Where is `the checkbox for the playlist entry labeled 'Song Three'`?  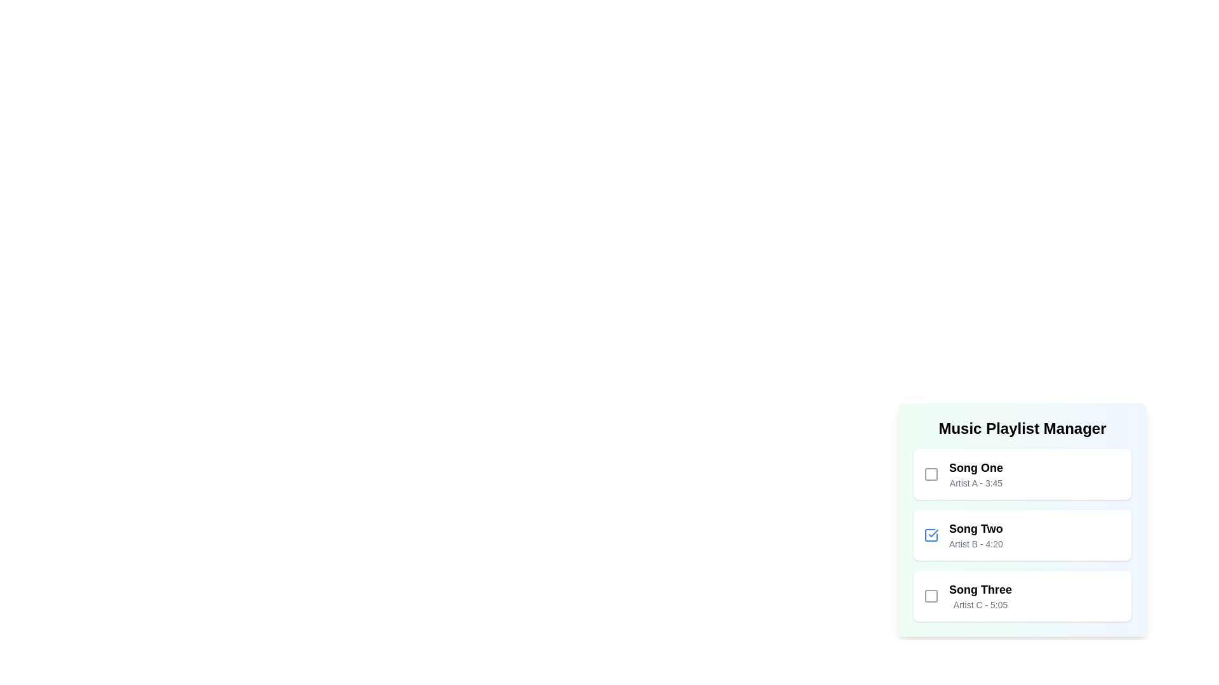
the checkbox for the playlist entry labeled 'Song Three' is located at coordinates (931, 596).